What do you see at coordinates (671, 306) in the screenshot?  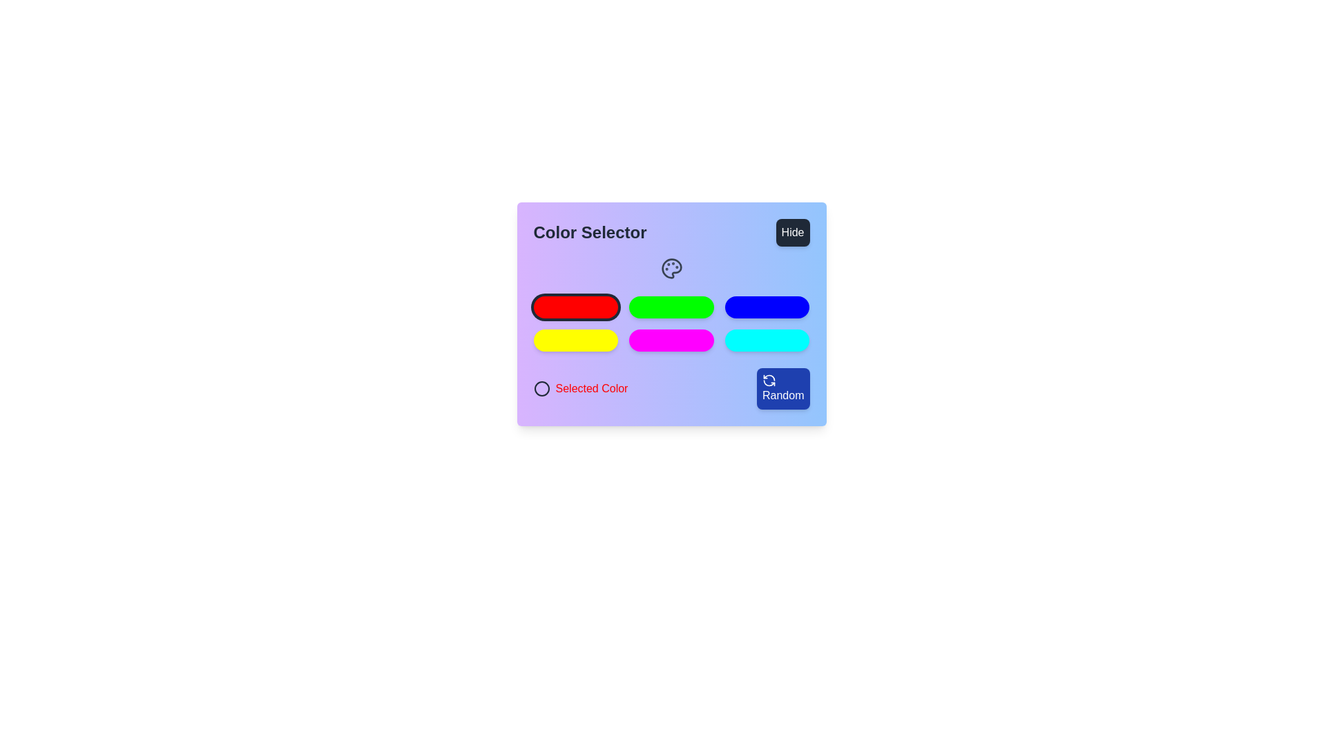 I see `the second button from the left in the first row of the grid` at bounding box center [671, 306].